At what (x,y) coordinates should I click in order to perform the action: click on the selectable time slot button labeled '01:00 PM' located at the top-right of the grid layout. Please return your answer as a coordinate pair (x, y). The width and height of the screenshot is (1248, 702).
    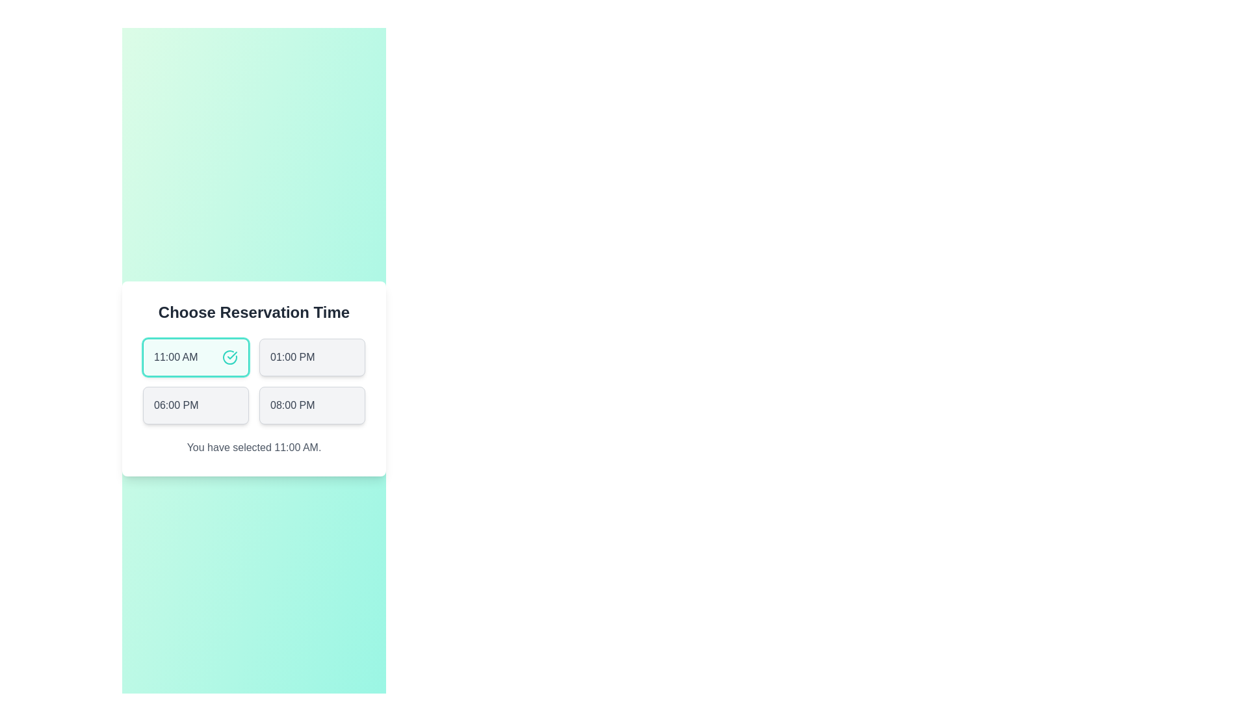
    Looking at the image, I should click on (312, 357).